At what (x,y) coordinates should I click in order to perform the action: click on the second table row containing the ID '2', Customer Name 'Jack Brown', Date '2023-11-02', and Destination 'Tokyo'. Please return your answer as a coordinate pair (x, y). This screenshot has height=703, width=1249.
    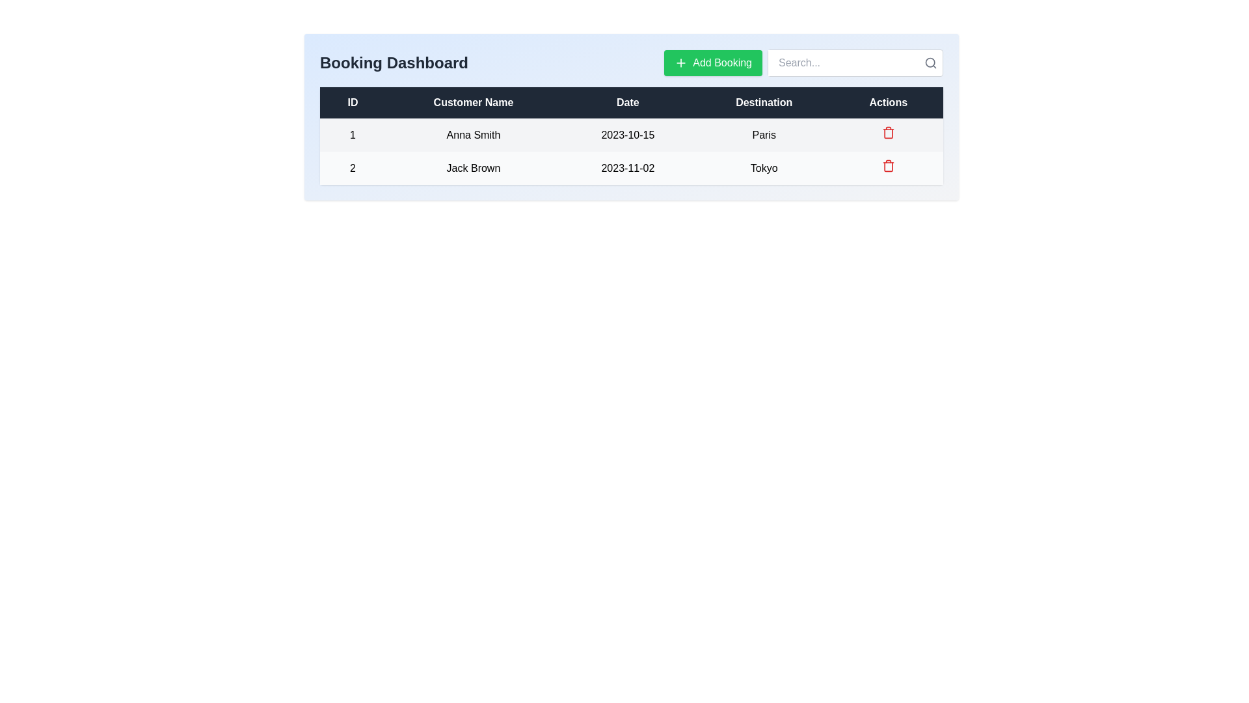
    Looking at the image, I should click on (631, 167).